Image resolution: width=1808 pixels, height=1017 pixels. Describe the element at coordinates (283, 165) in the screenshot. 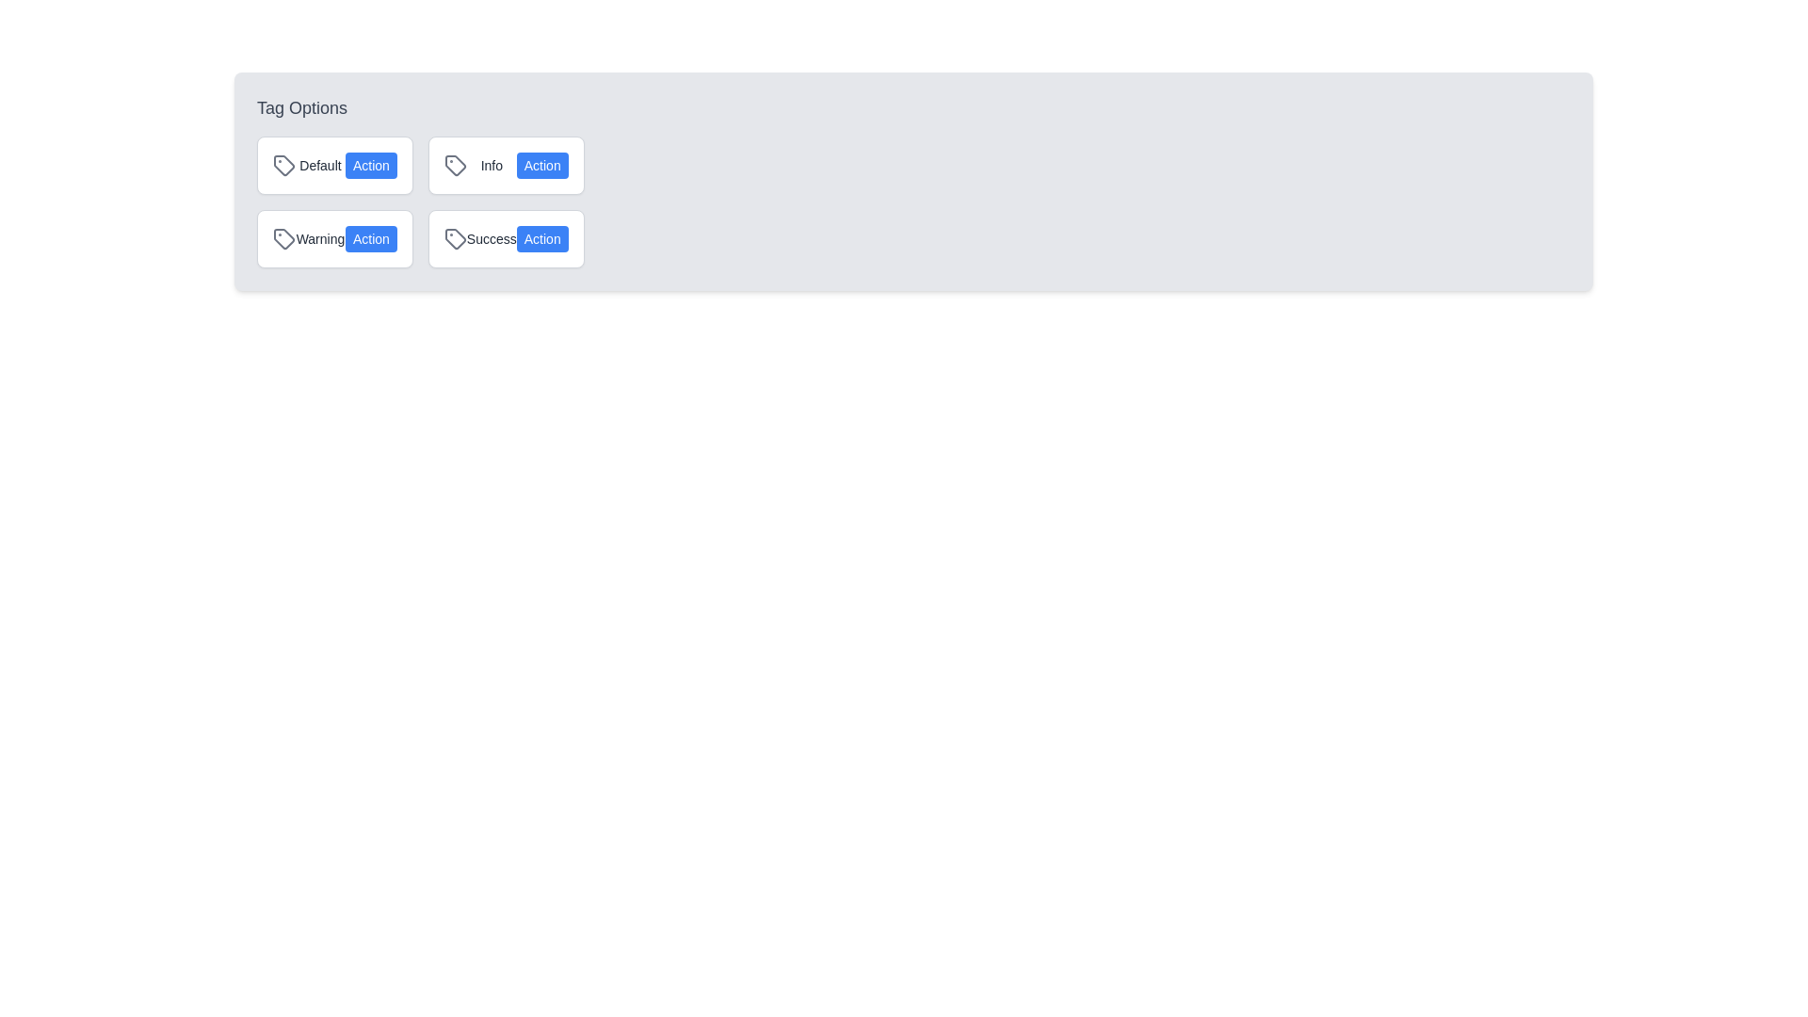

I see `the icon located to the far left in the first row of the grid within the 'Tag Options' section, which represents the 'Default' label` at that location.